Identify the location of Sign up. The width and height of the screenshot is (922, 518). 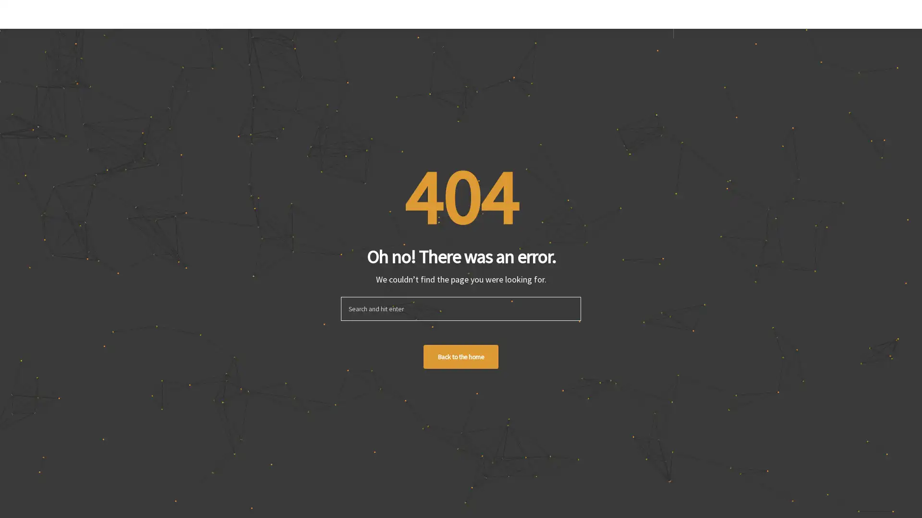
(629, 365).